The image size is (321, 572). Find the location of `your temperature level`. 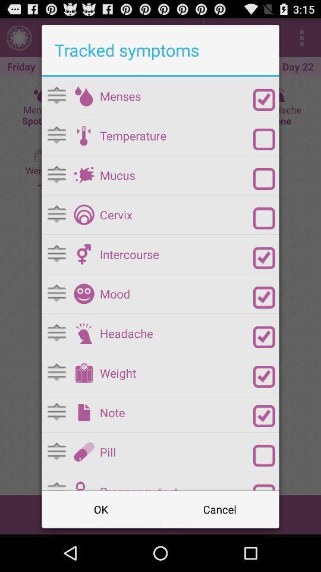

your temperature level is located at coordinates (83, 135).